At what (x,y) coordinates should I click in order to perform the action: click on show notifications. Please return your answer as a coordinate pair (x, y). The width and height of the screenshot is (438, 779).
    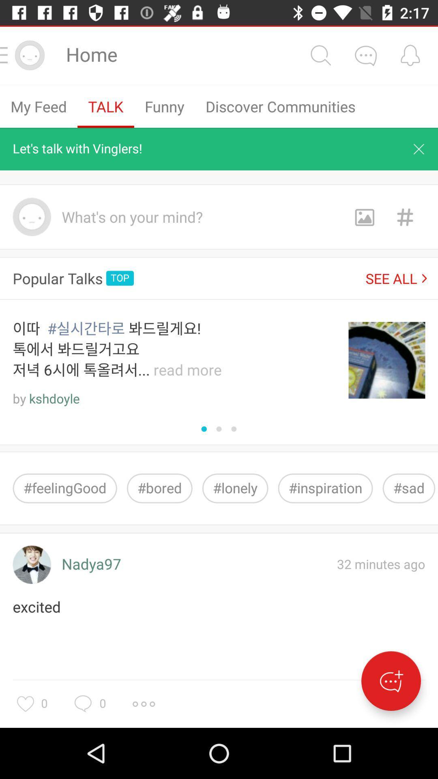
    Looking at the image, I should click on (410, 55).